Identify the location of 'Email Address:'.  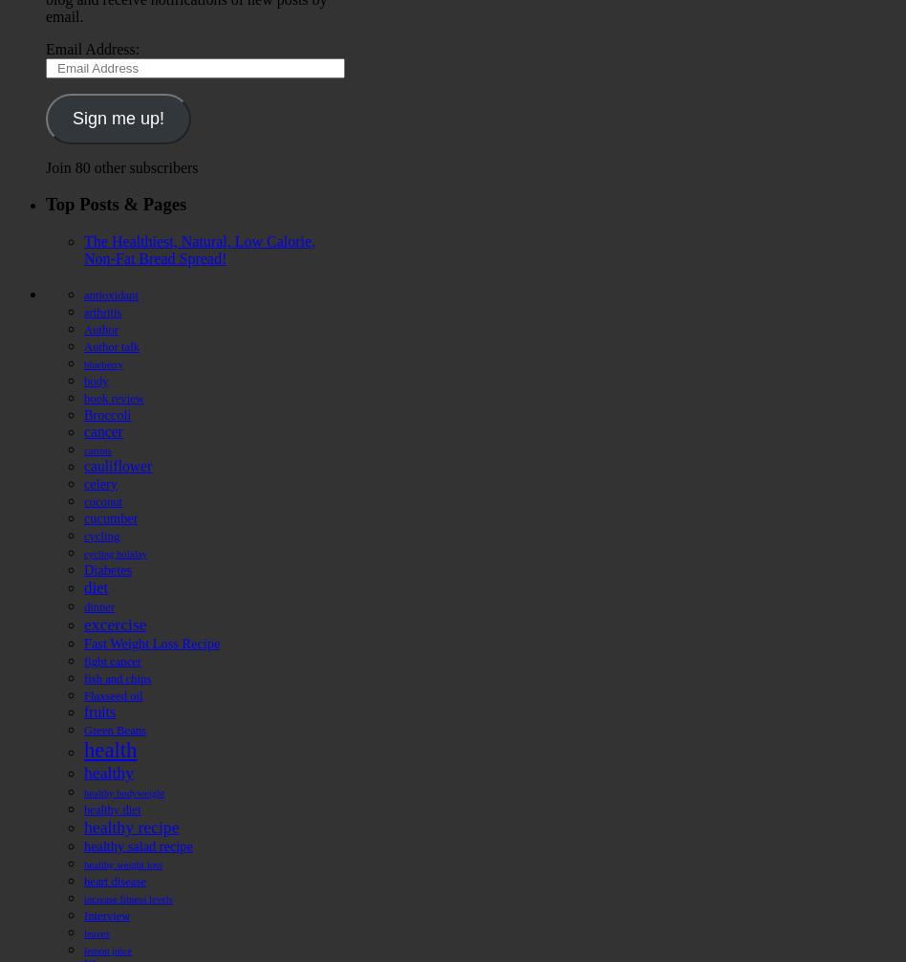
(92, 48).